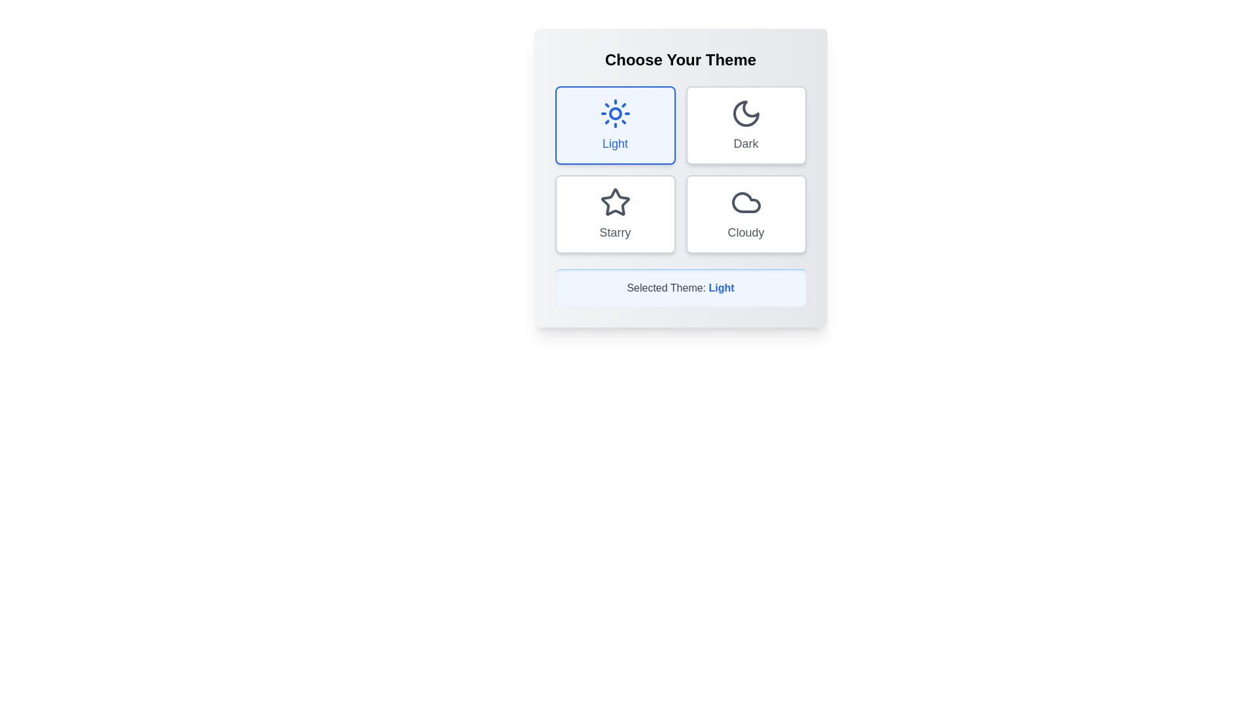 This screenshot has height=706, width=1256. I want to click on the theme button corresponding to Light, so click(614, 126).